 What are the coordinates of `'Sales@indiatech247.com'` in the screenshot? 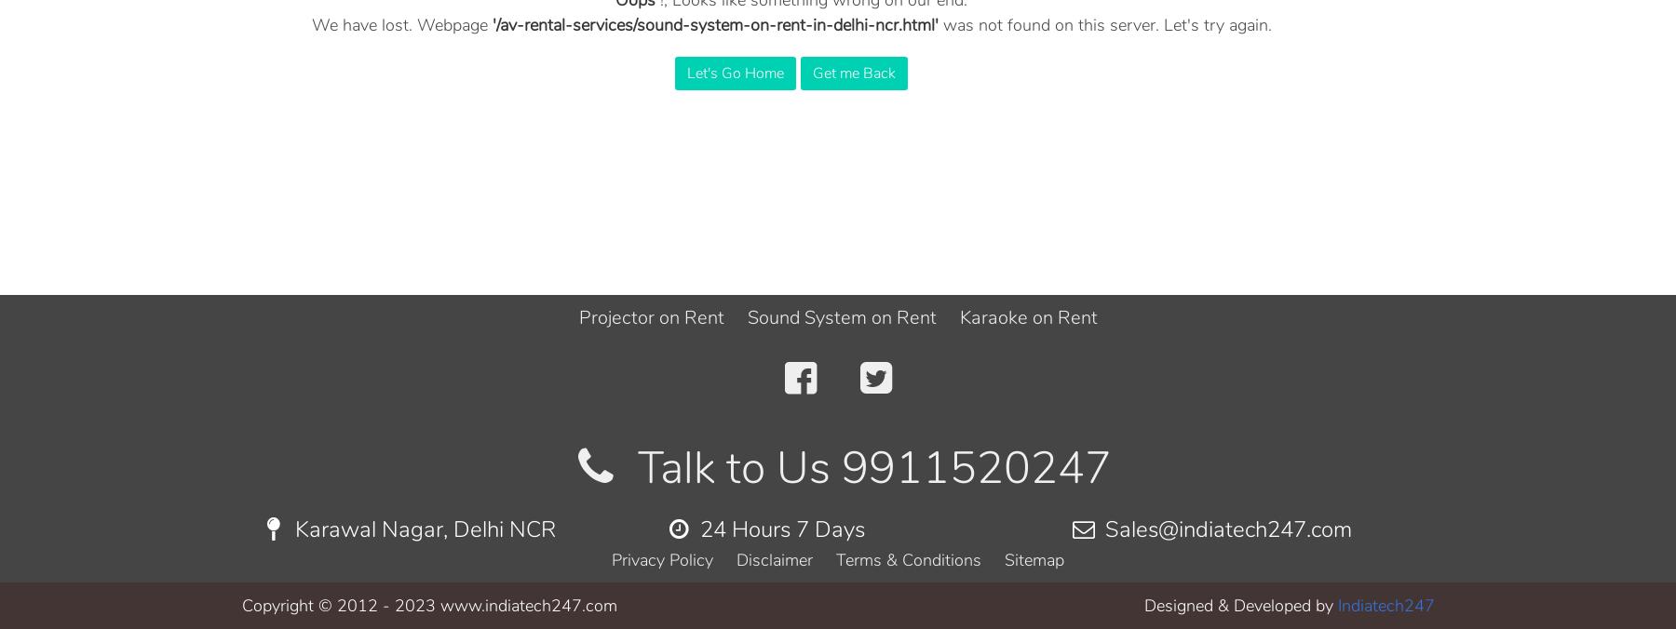 It's located at (1098, 528).